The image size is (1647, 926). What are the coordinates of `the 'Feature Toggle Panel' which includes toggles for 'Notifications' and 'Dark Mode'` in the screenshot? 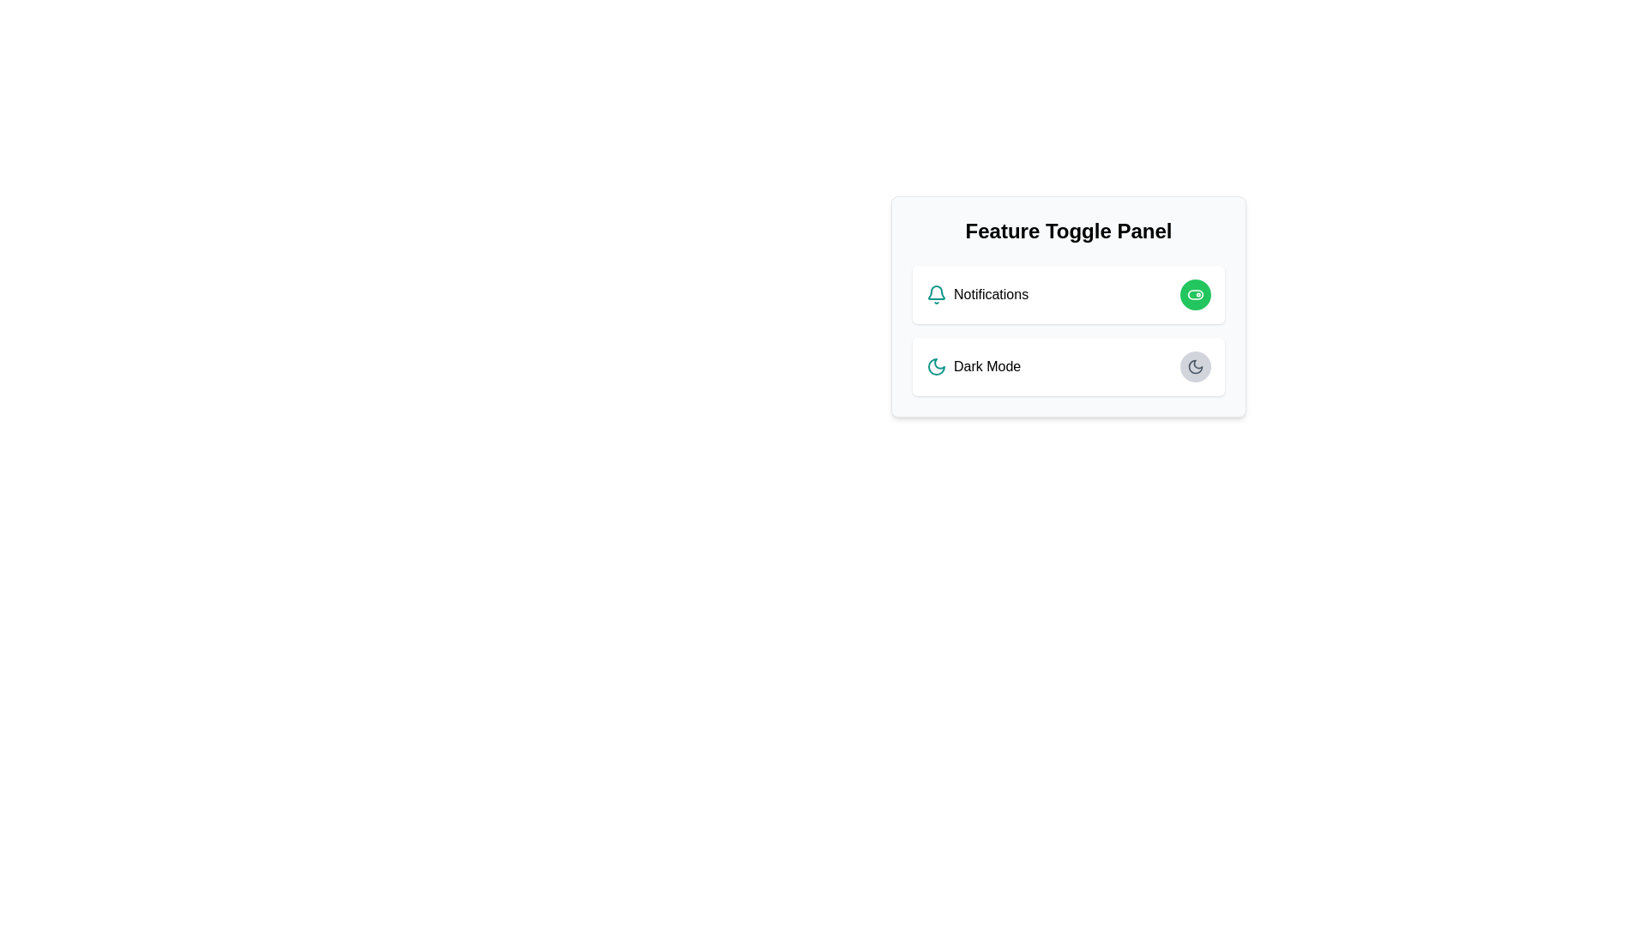 It's located at (1068, 306).